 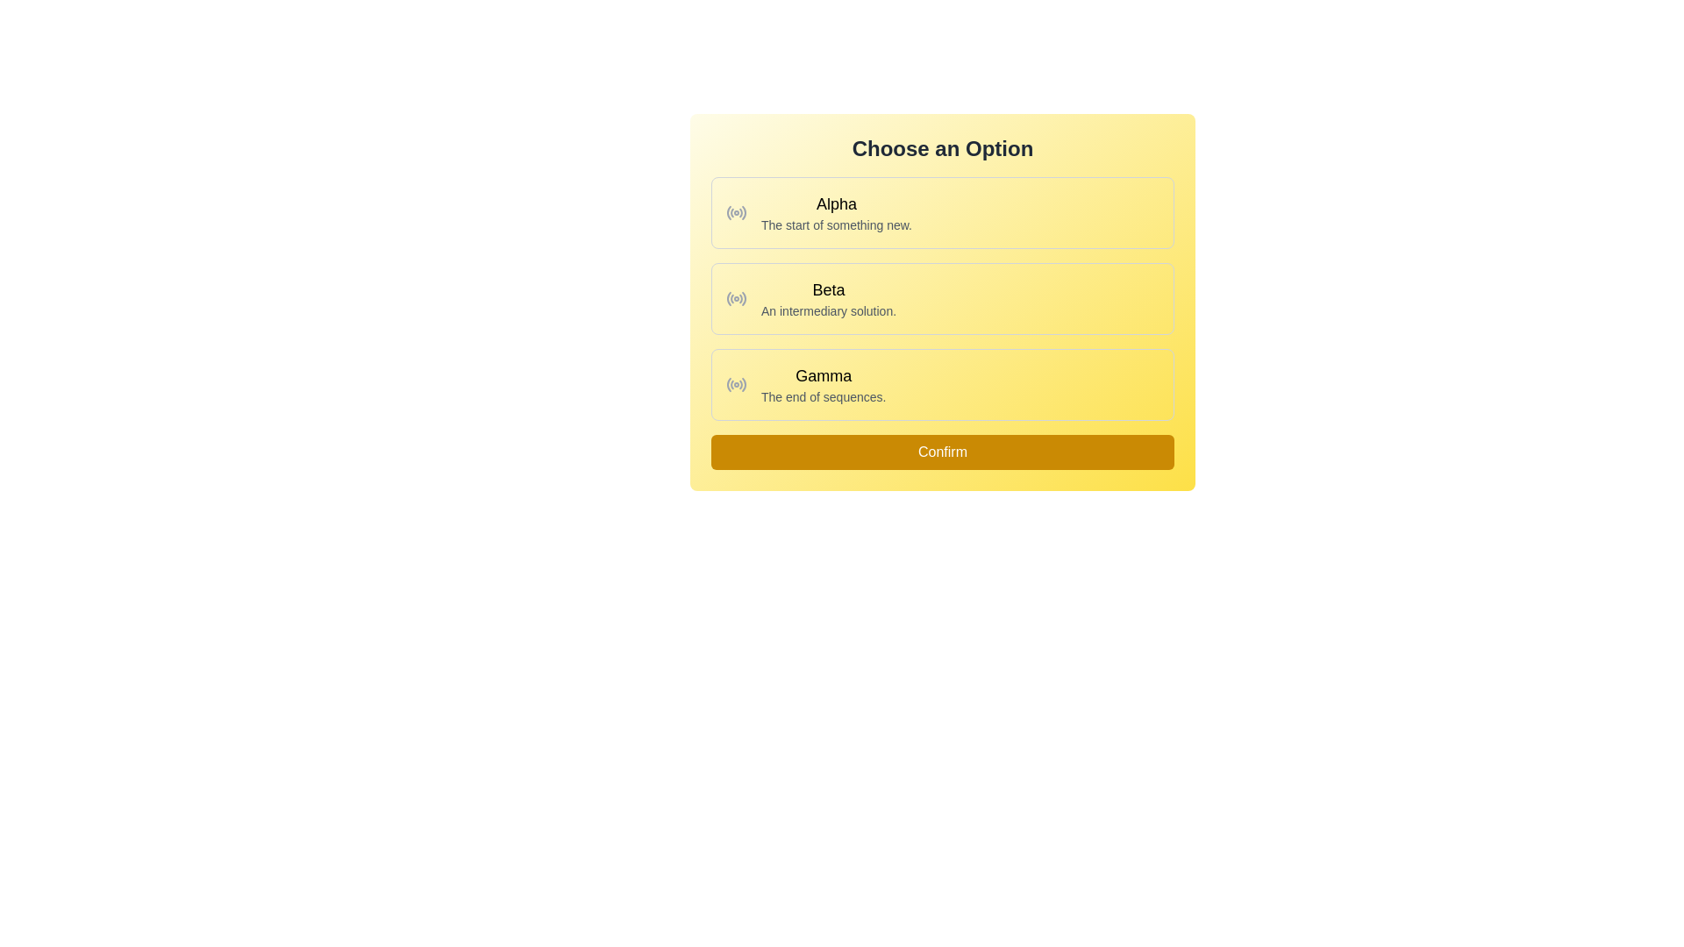 I want to click on the 'Beta' radio option, so click(x=942, y=297).